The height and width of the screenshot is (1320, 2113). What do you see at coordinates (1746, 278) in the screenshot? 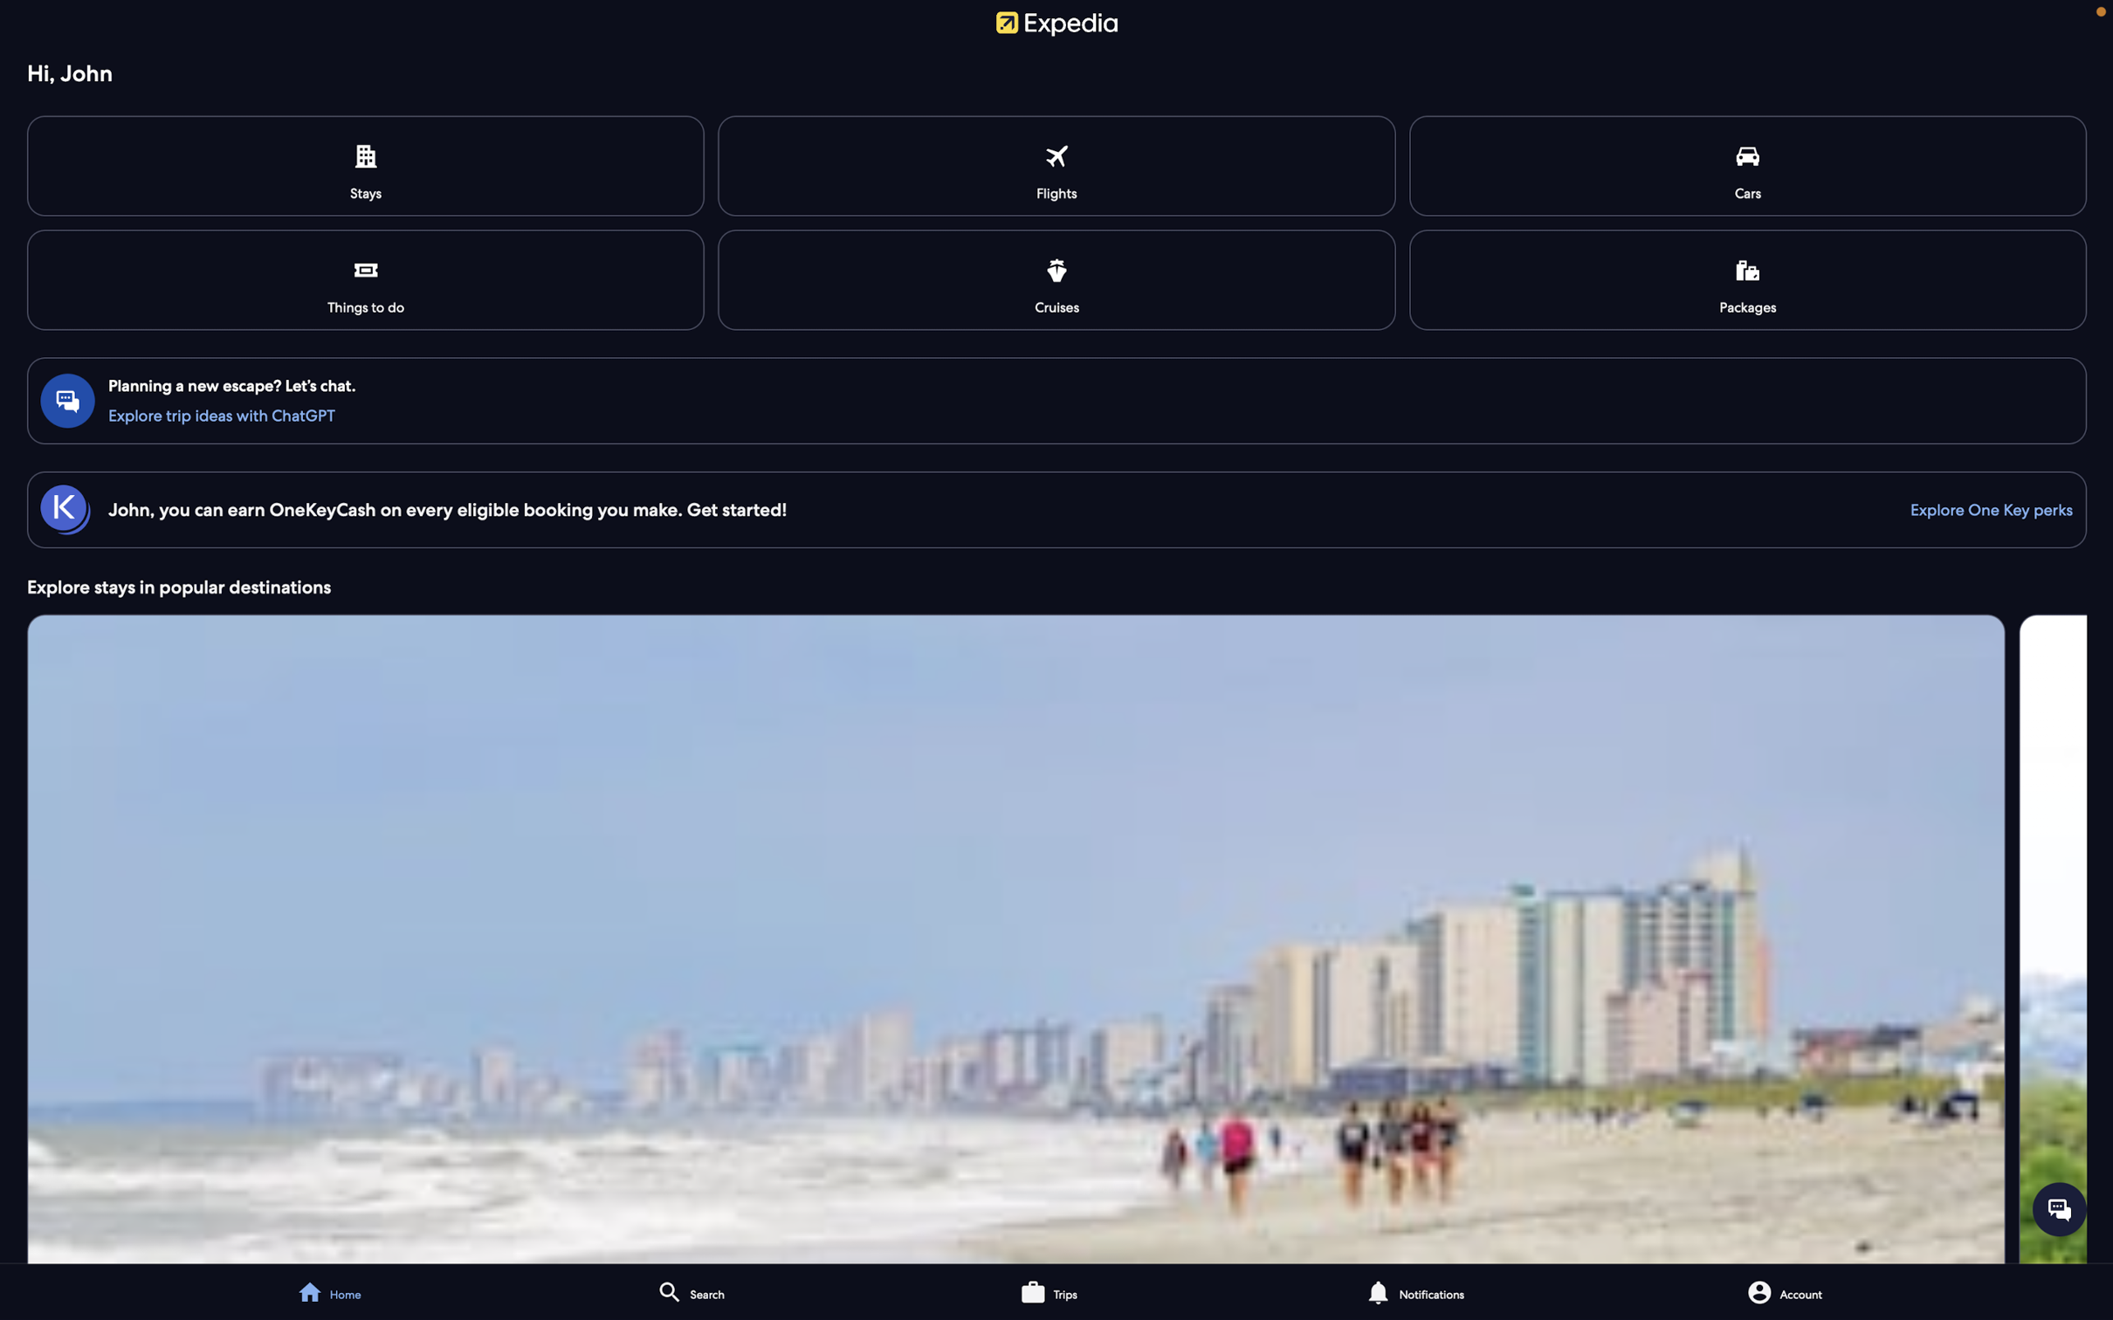
I see `and reserve package deals` at bounding box center [1746, 278].